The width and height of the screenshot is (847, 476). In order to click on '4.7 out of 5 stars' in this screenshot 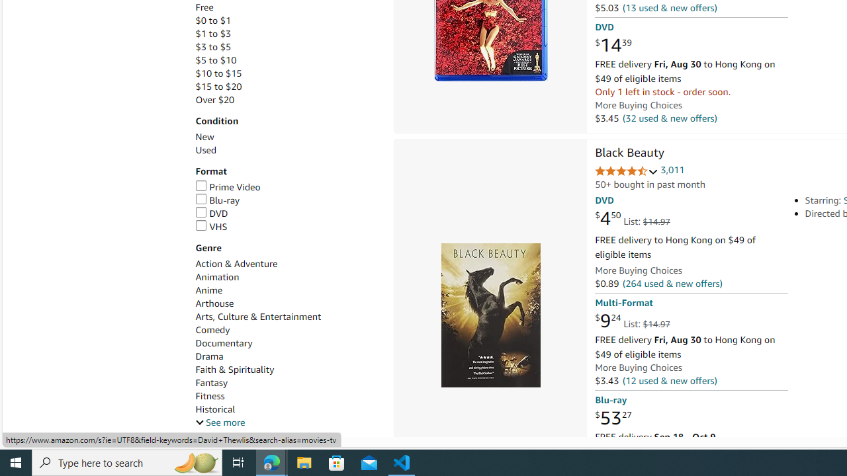, I will do `click(626, 171)`.